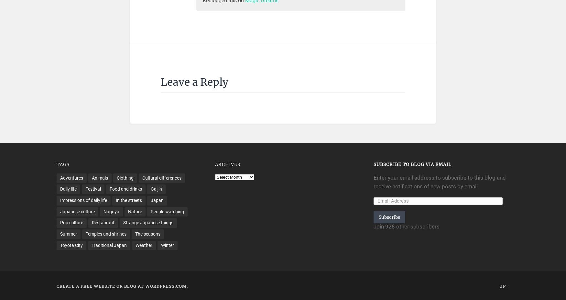 The image size is (566, 300). I want to click on 'Japanese culture', so click(77, 211).